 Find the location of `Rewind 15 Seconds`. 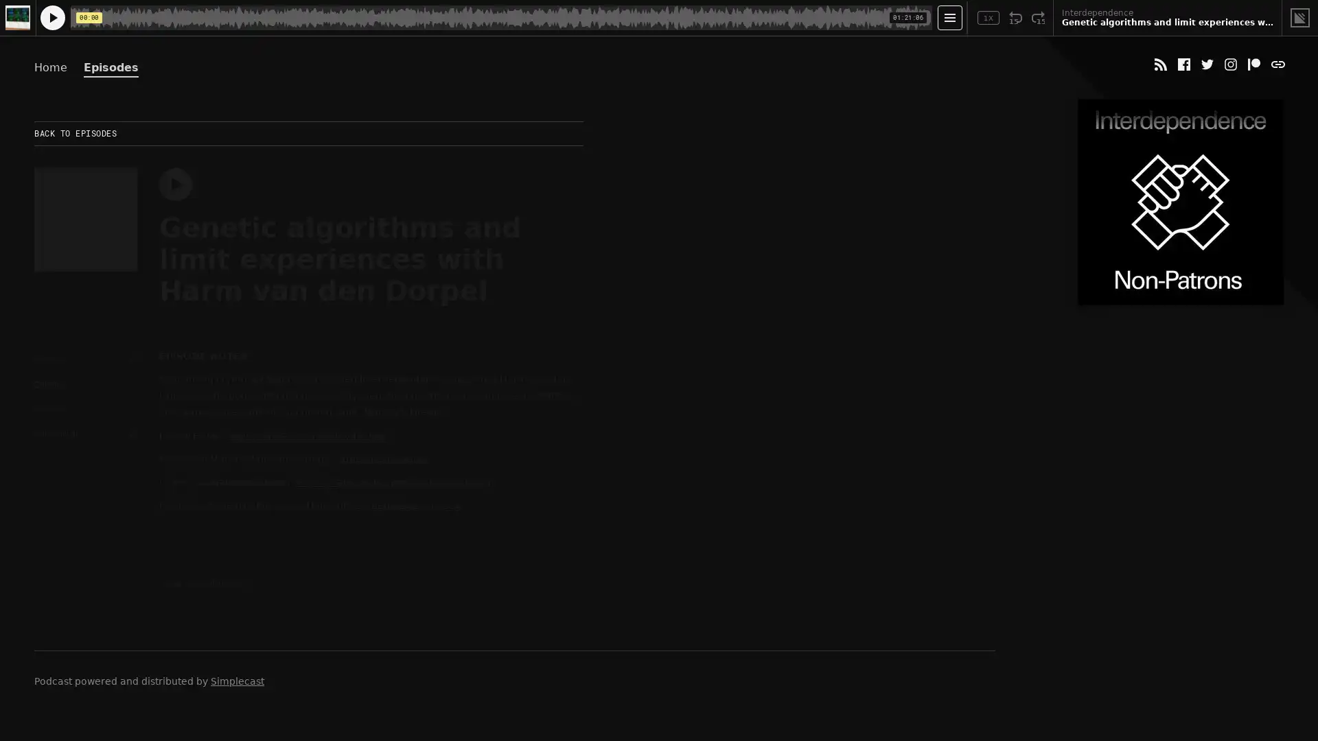

Rewind 15 Seconds is located at coordinates (1015, 18).